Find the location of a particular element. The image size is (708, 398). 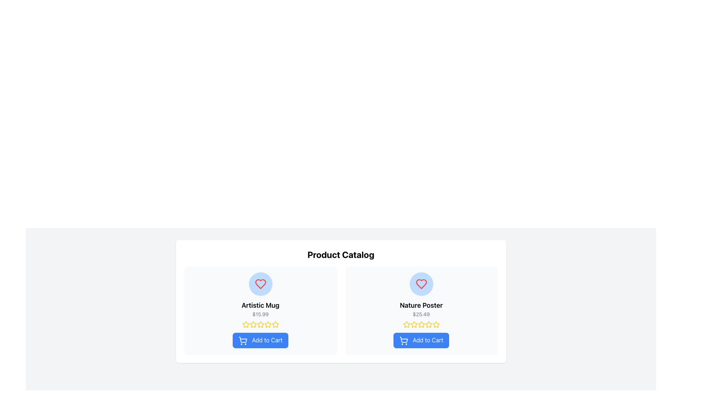

the first star icon of the graphical rating indicator for the 'Artistic Mug' product is located at coordinates (246, 324).